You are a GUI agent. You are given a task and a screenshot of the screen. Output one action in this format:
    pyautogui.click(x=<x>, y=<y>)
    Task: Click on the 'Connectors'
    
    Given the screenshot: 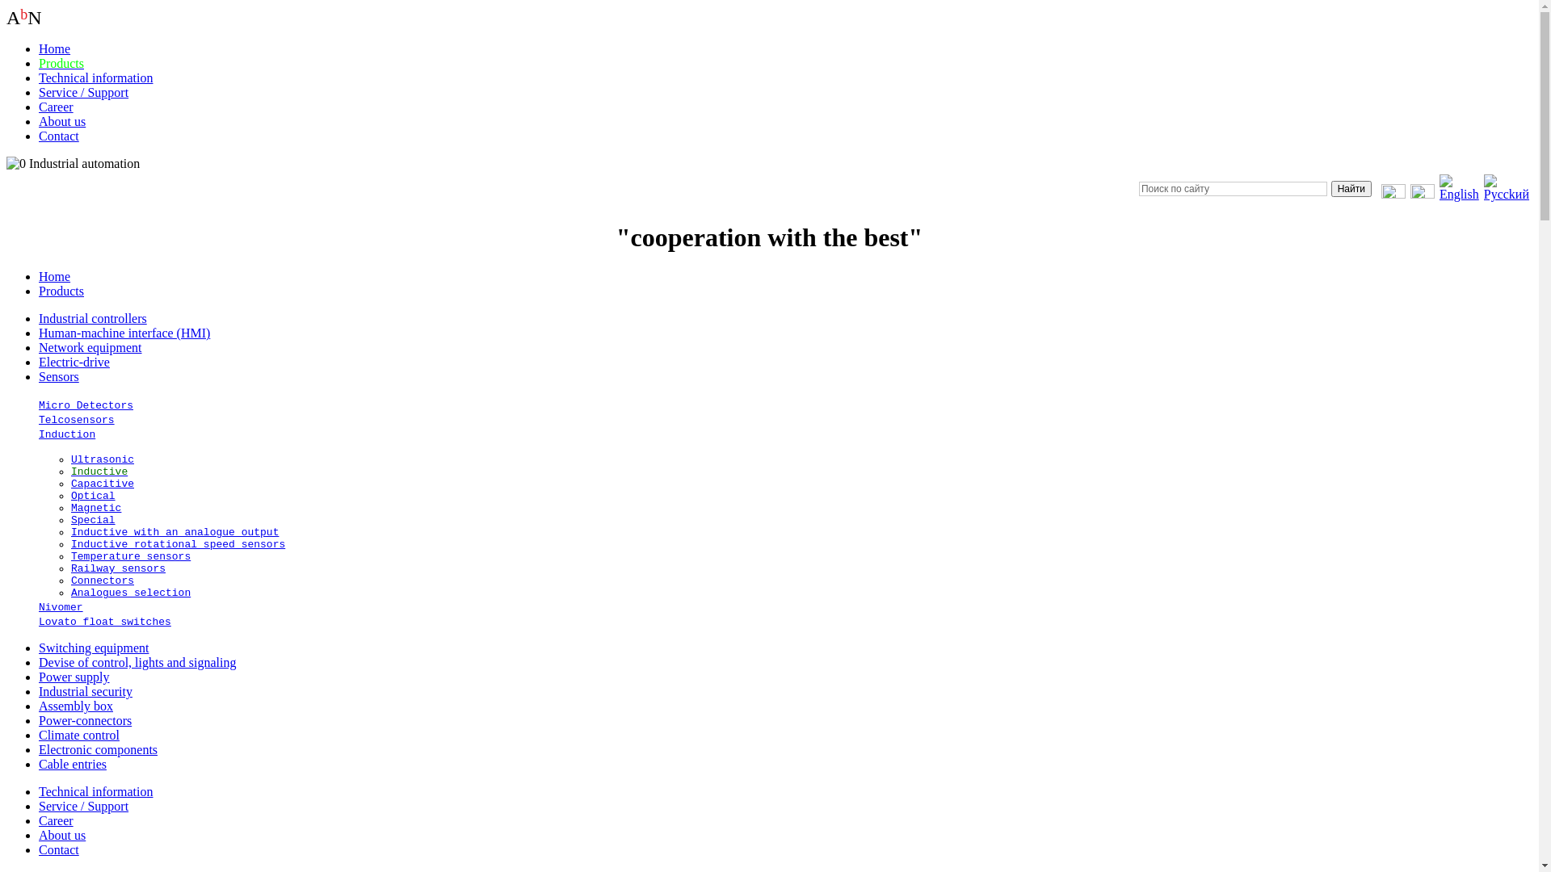 What is the action you would take?
    pyautogui.click(x=101, y=580)
    